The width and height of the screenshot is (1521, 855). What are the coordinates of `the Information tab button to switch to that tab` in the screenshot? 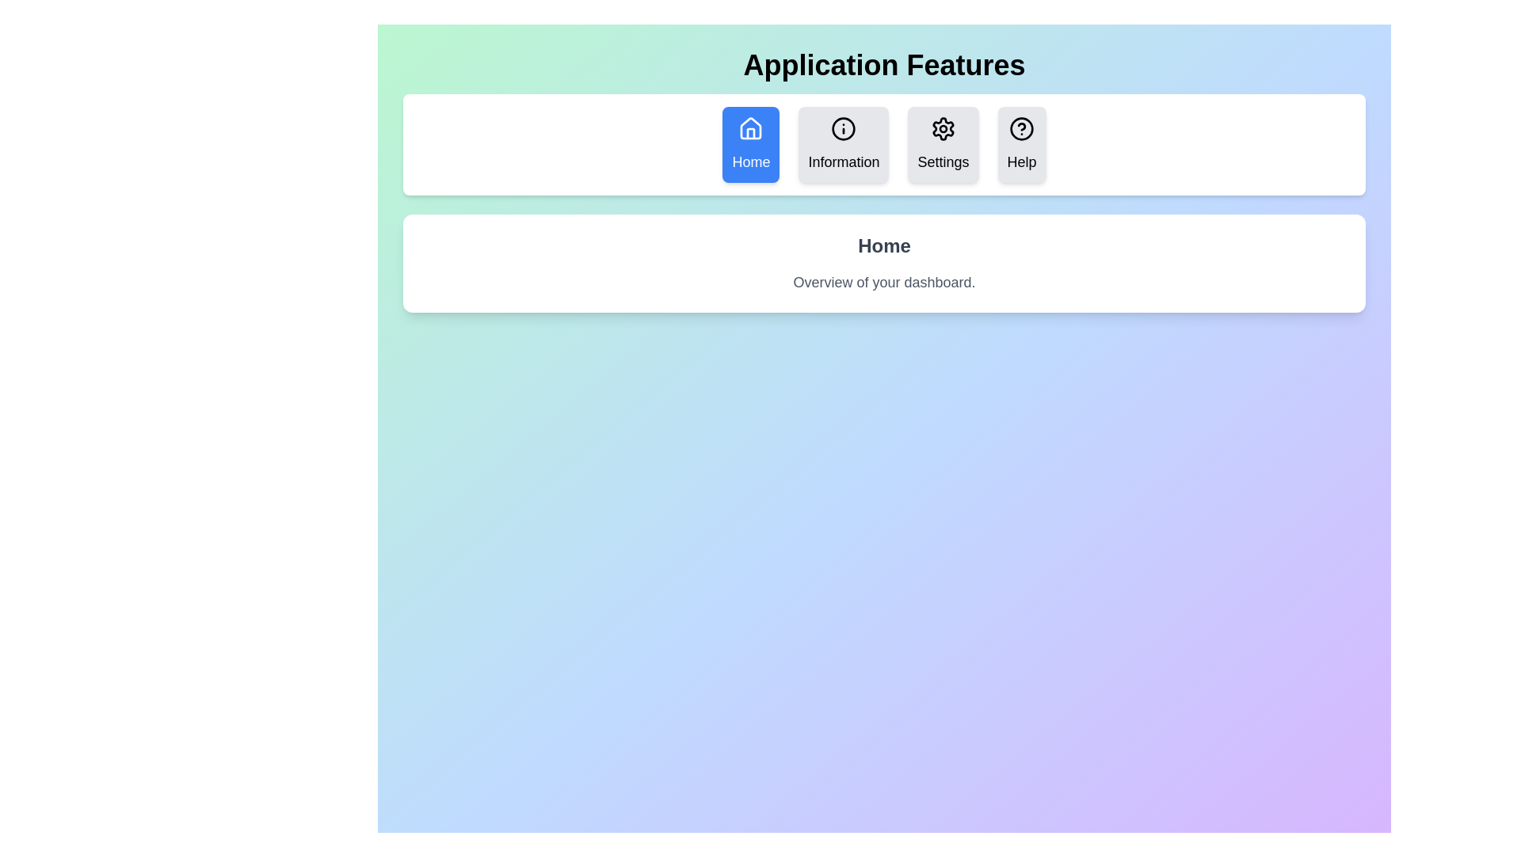 It's located at (843, 144).